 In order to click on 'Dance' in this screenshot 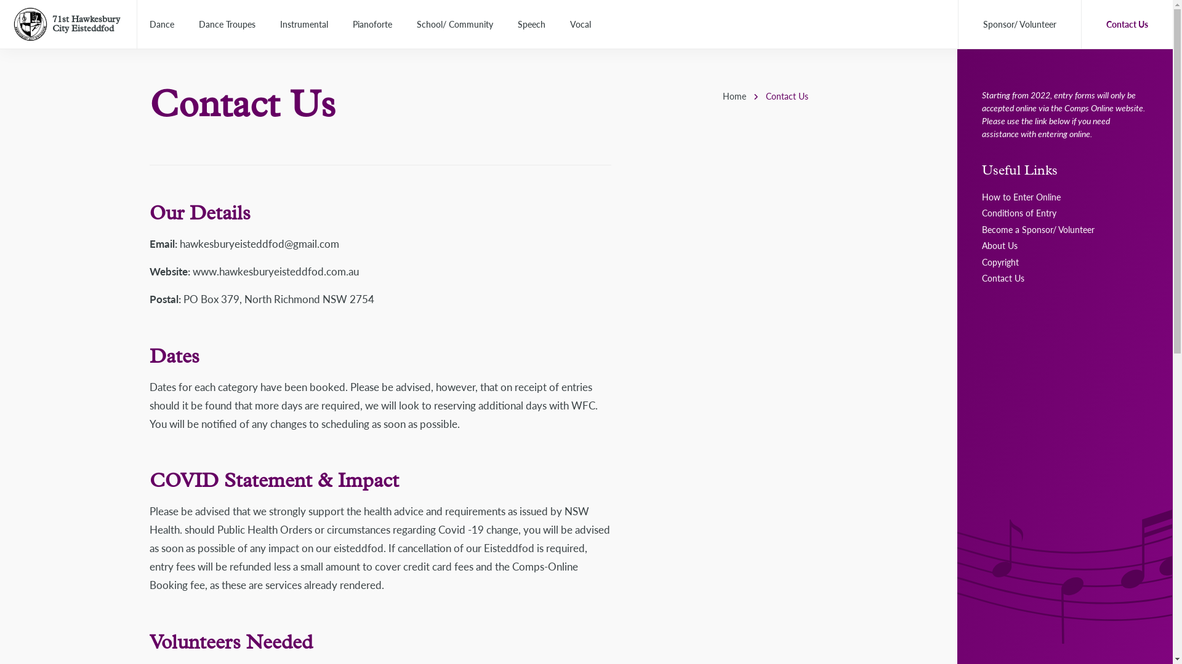, I will do `click(161, 24)`.